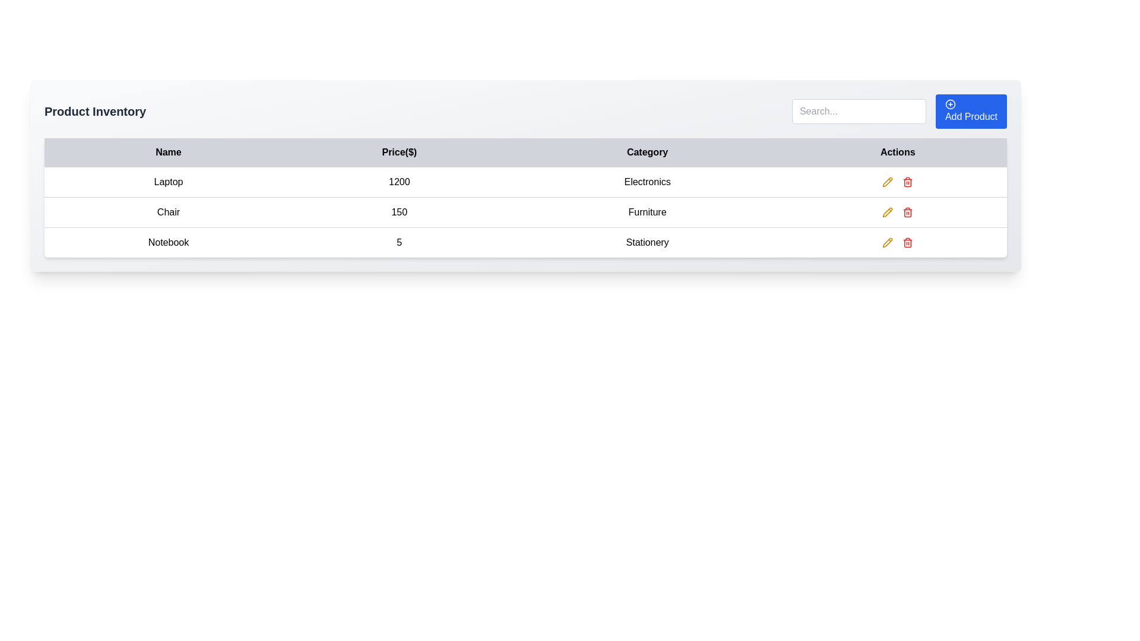 This screenshot has height=641, width=1140. I want to click on the icon button located in the third row of the table under the 'Actions' column, so click(887, 182).